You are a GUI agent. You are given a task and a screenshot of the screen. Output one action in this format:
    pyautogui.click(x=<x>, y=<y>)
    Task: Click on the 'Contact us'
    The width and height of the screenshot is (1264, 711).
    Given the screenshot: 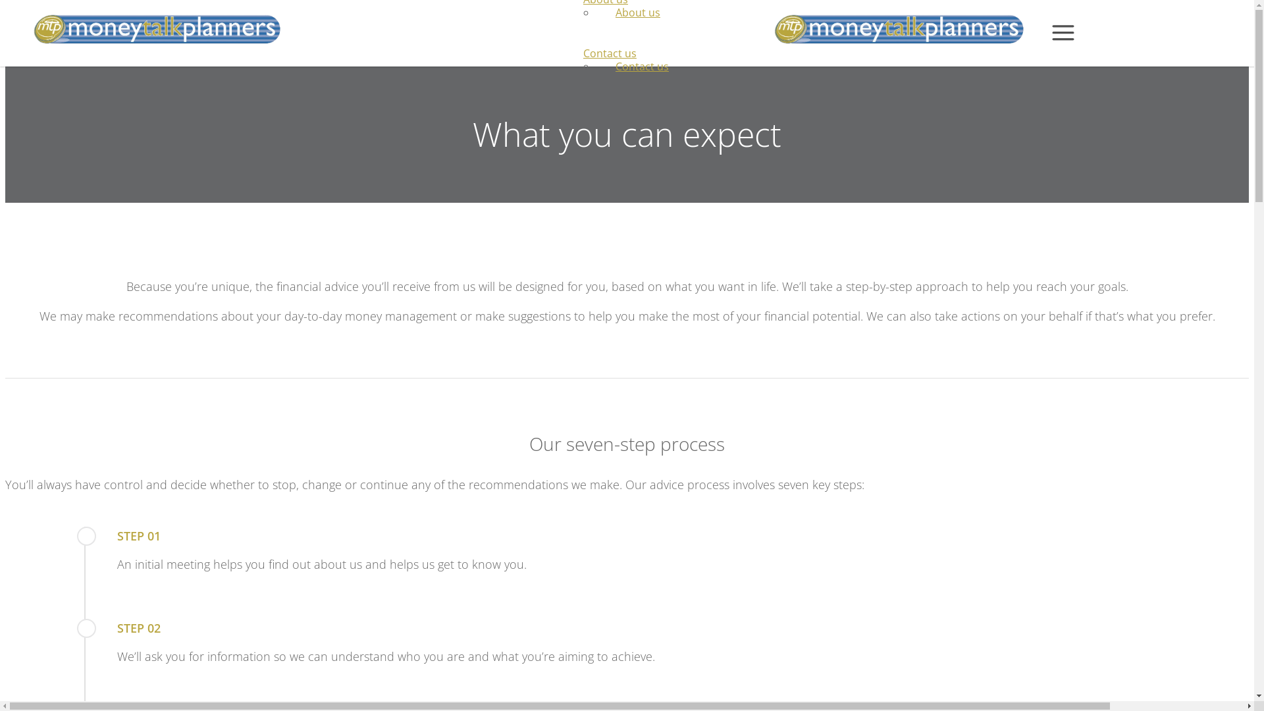 What is the action you would take?
    pyautogui.click(x=609, y=53)
    